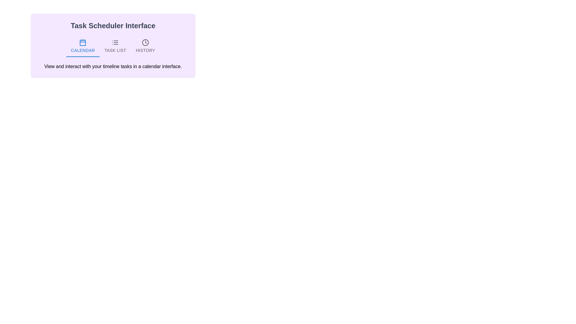 This screenshot has width=576, height=324. I want to click on the 'Task List' tab button, which contains a simplistic icon of three horizontal lines, so click(115, 42).